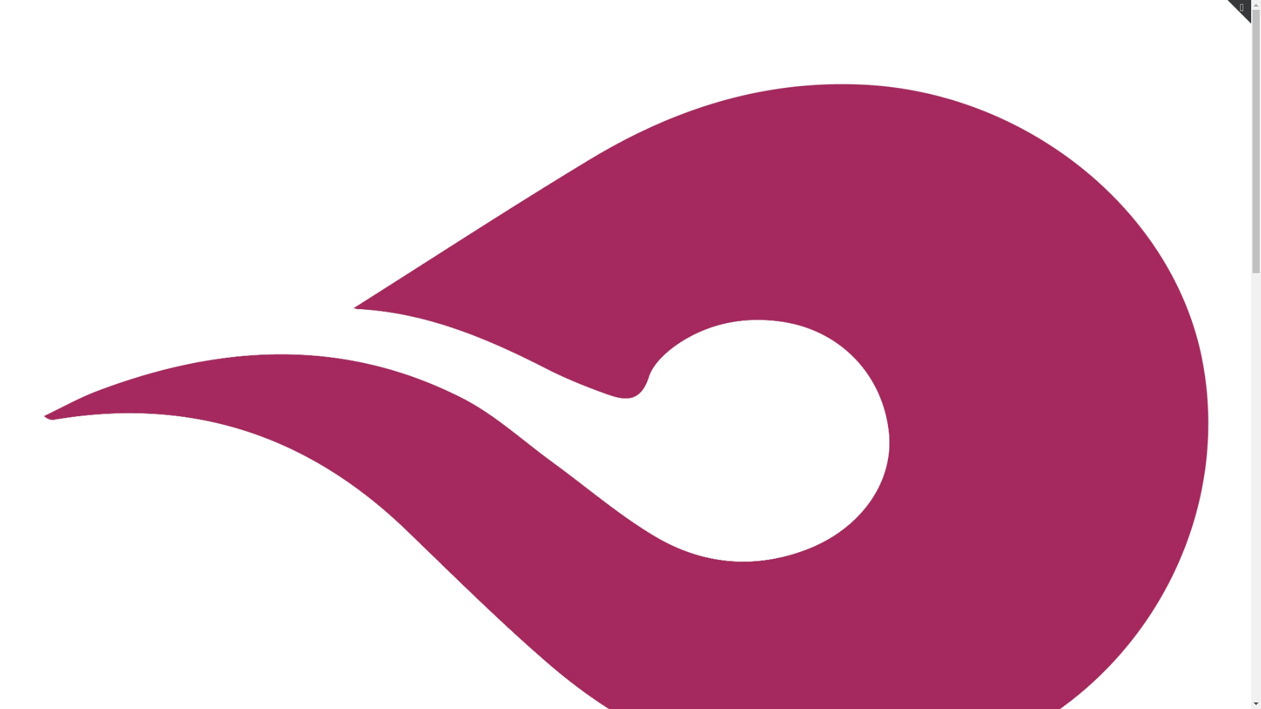 Image resolution: width=1261 pixels, height=709 pixels. I want to click on 'Toggle Sliding Bar Area', so click(1226, 12).